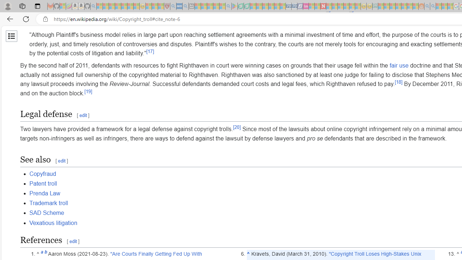 This screenshot has width=462, height=260. What do you see at coordinates (46, 213) in the screenshot?
I see `'SAD Scheme'` at bounding box center [46, 213].